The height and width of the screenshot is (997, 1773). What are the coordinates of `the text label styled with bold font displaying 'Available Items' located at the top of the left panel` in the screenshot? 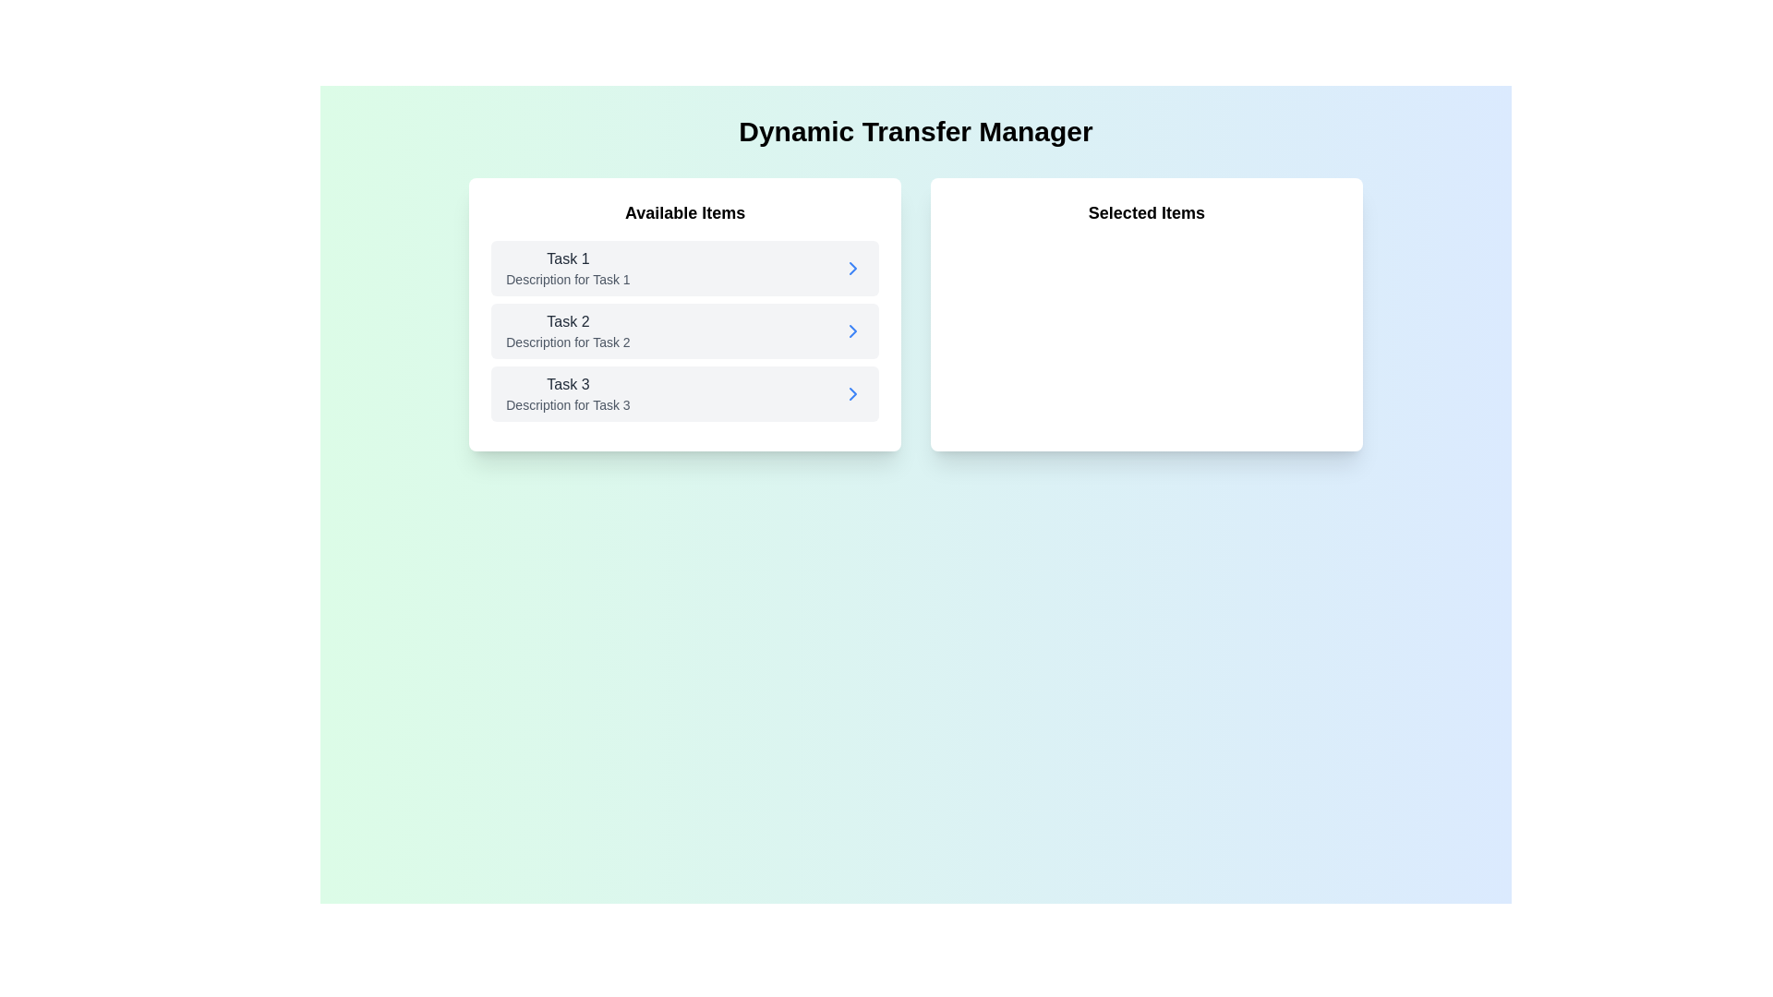 It's located at (684, 212).